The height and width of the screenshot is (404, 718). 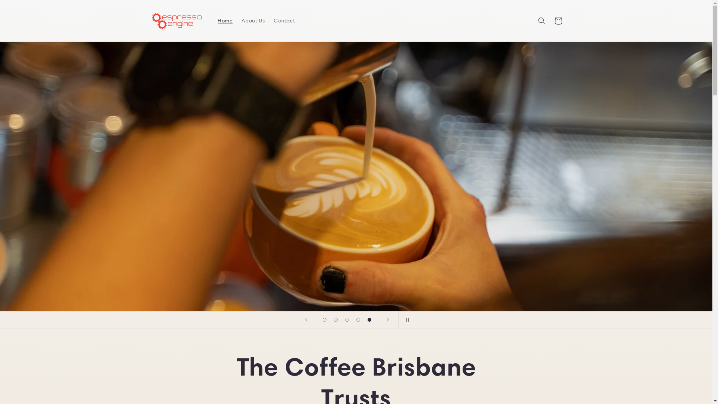 I want to click on 'About Us', so click(x=253, y=20).